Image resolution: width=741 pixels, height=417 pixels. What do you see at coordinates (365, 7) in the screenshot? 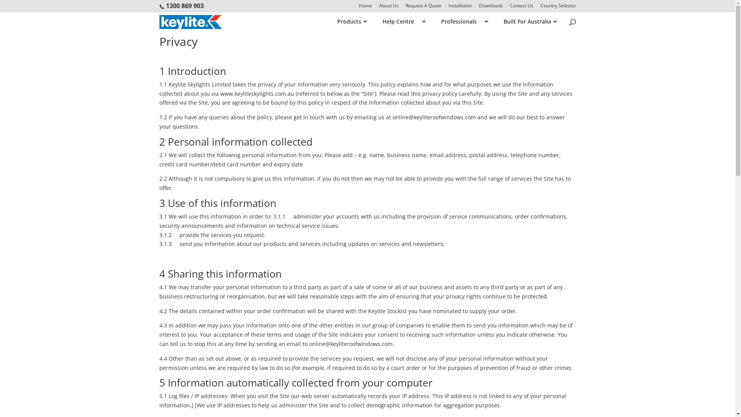
I see `'Home'` at bounding box center [365, 7].